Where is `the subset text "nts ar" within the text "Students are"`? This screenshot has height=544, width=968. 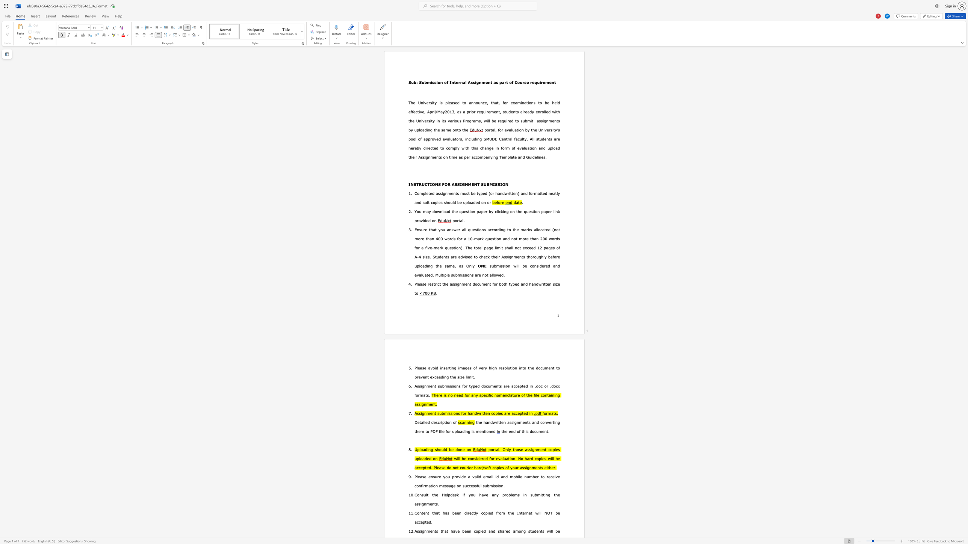 the subset text "nts ar" within the text "Students are" is located at coordinates (443, 256).